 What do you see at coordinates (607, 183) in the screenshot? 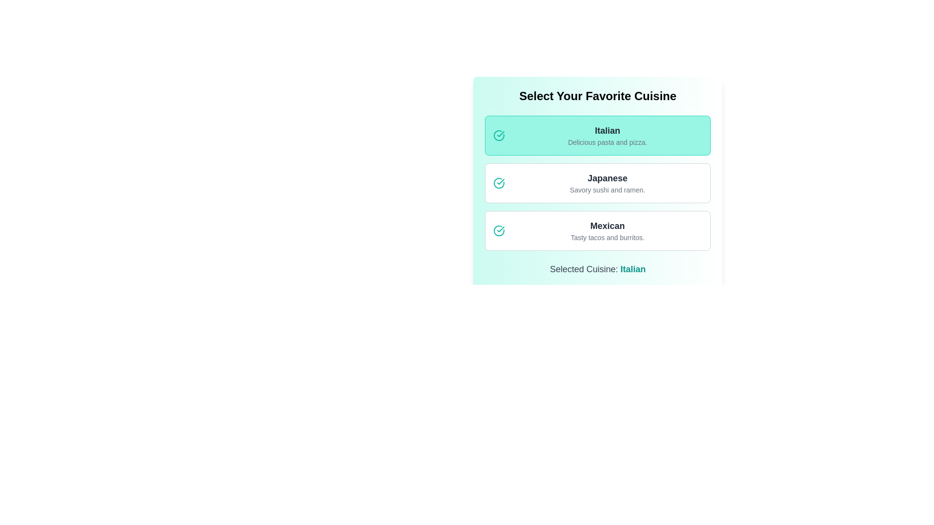
I see `text element displaying 'Japanese' and 'Savory sushi and ramen.' which is the second option in the list of selectable cuisines` at bounding box center [607, 183].